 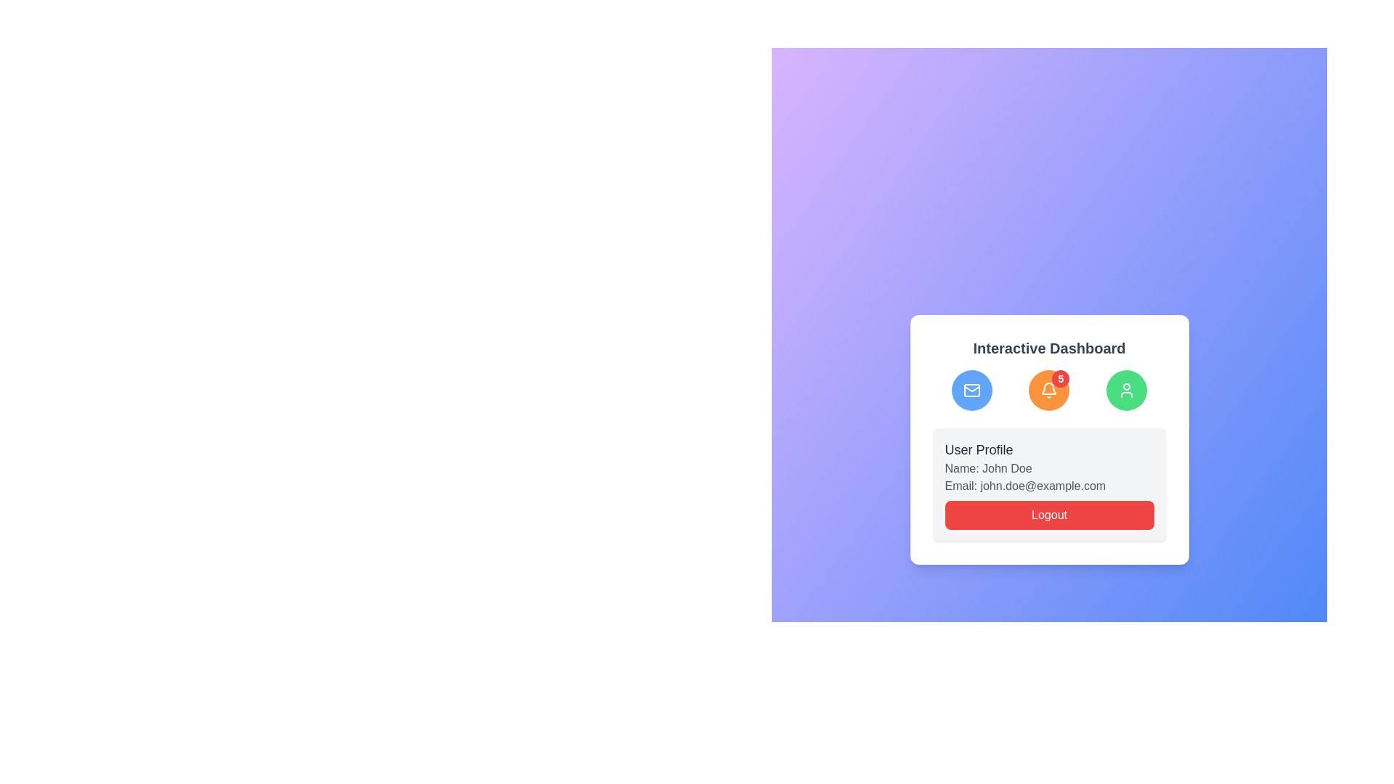 I want to click on the 'Increase Emails' button with an envelope icon, which is the leftmost button in a horizontal row of three buttons, so click(x=971, y=389).